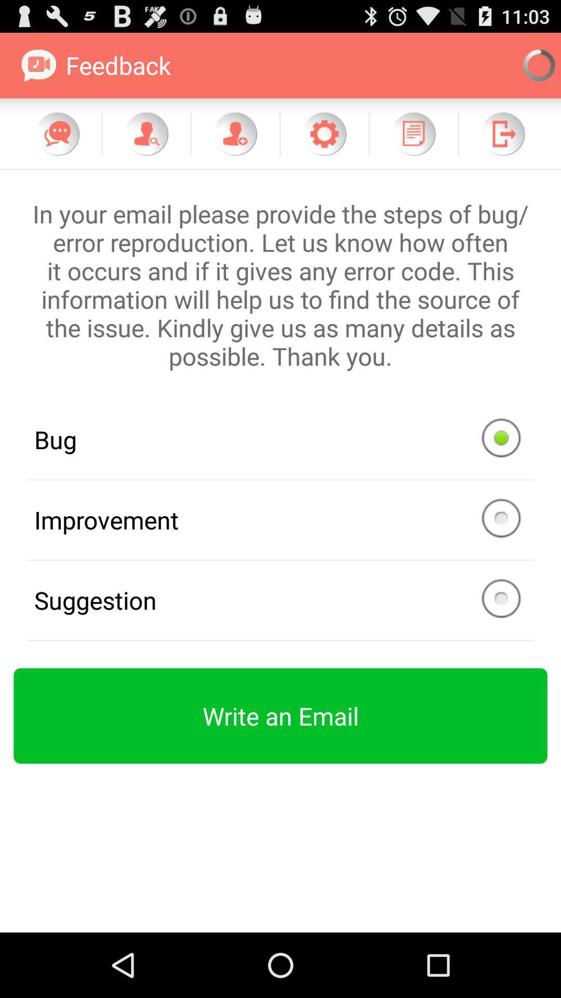 The height and width of the screenshot is (998, 561). What do you see at coordinates (413, 142) in the screenshot?
I see `the copy icon` at bounding box center [413, 142].